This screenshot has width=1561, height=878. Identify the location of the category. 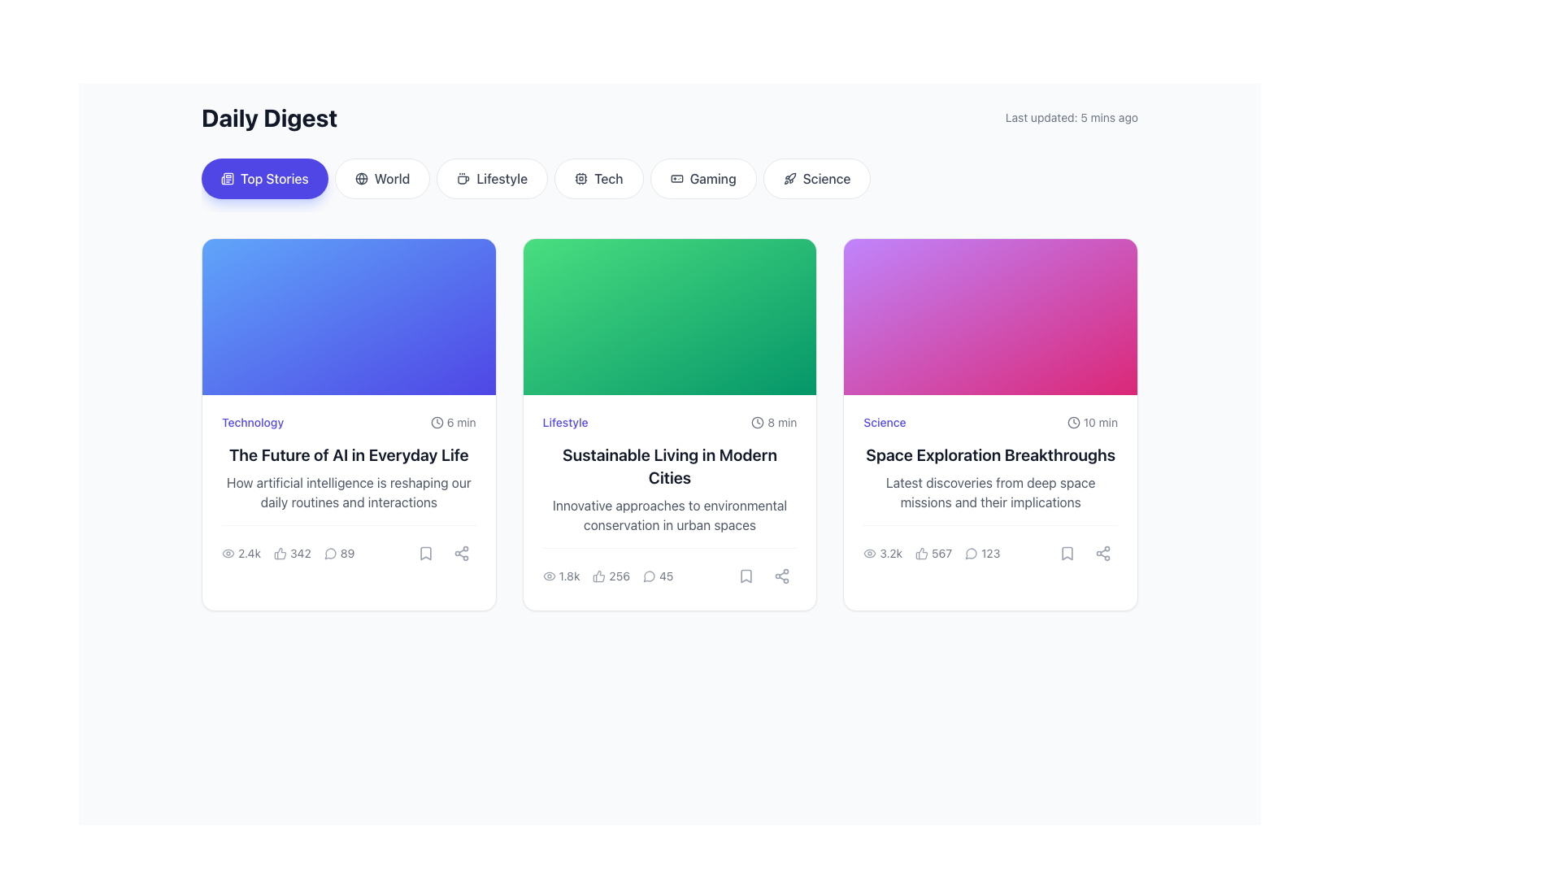
(252, 422).